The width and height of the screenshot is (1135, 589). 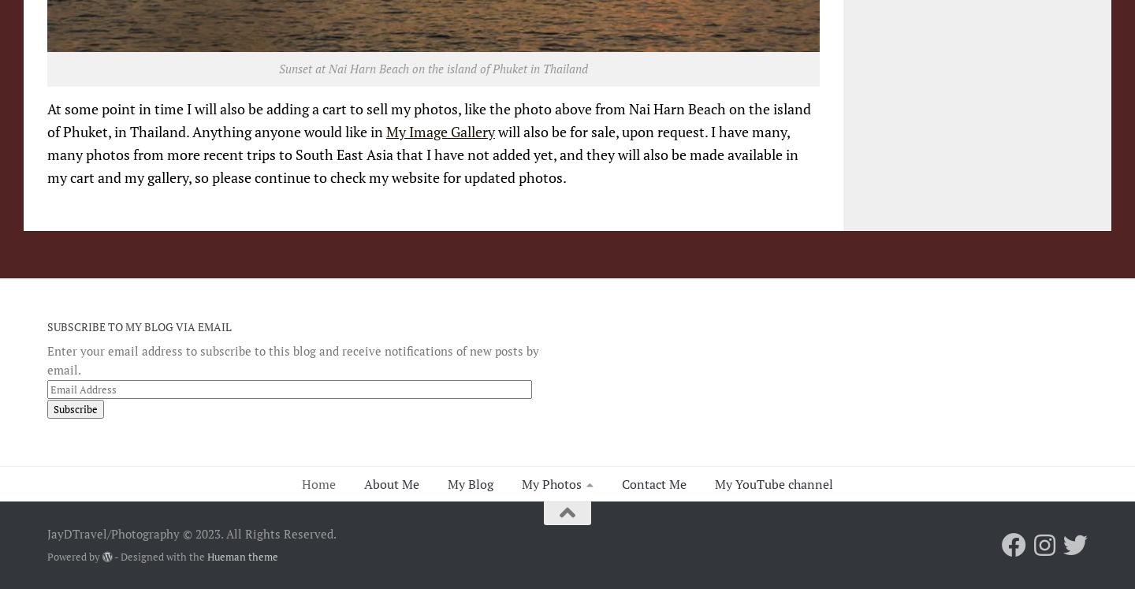 What do you see at coordinates (292, 359) in the screenshot?
I see `'Enter your email address to subscribe to this blog and receive notifications of new posts by email.'` at bounding box center [292, 359].